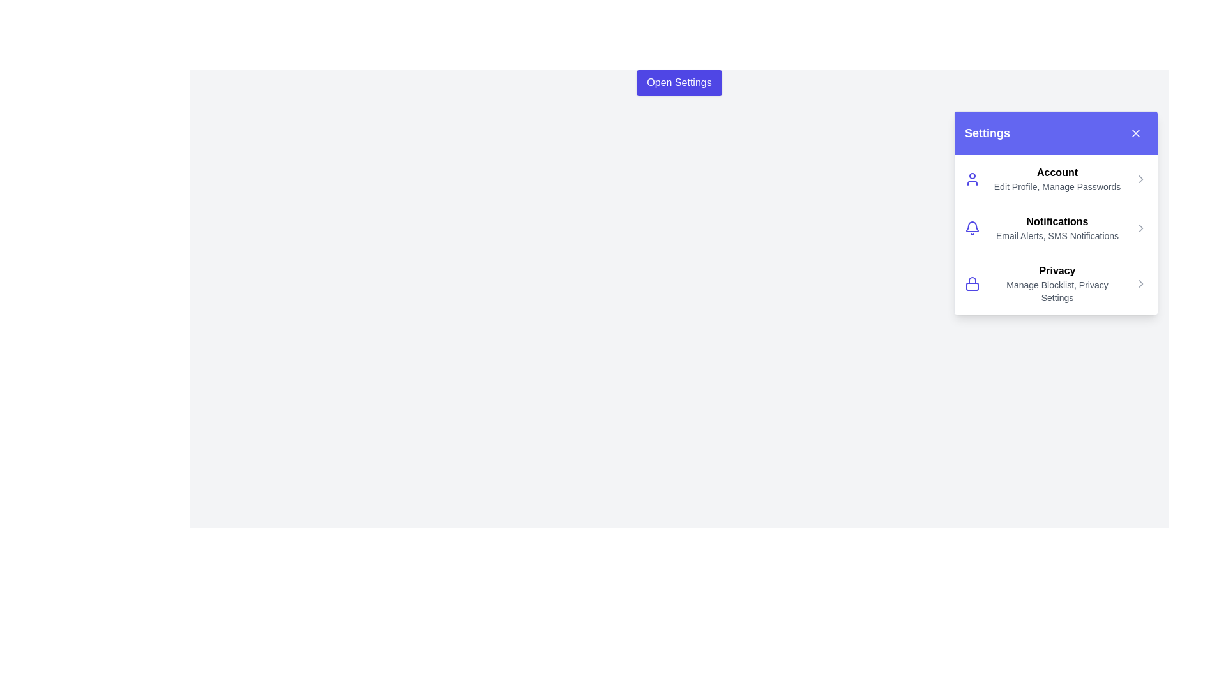 The image size is (1226, 689). Describe the element at coordinates (1057, 221) in the screenshot. I see `text of the 'Notifications' label, which is styled in bold and located in the settings menu's second row, associated with a bell icon` at that location.